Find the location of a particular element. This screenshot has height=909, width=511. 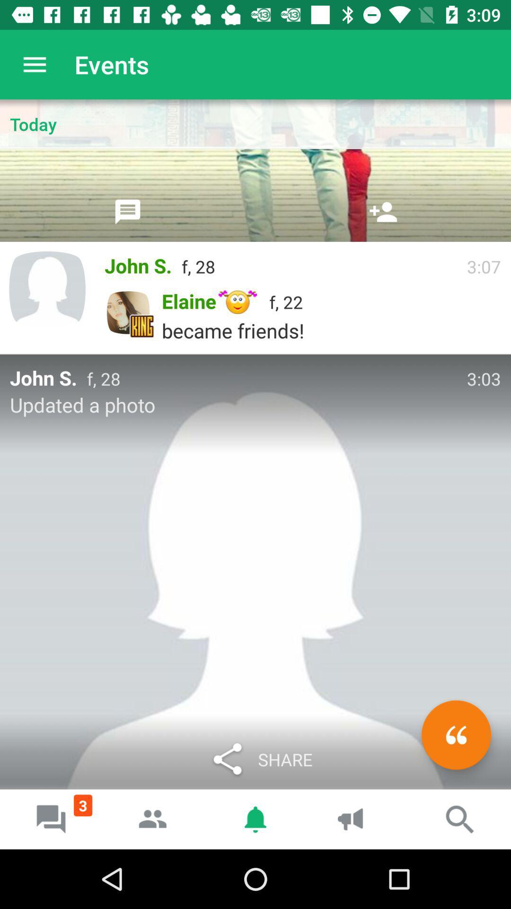

share by text is located at coordinates (128, 211).